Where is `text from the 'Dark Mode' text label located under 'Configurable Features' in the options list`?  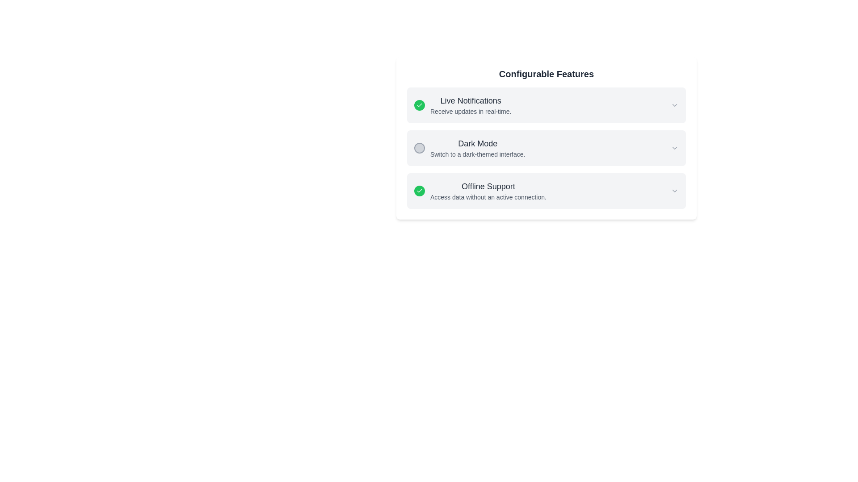
text from the 'Dark Mode' text label located under 'Configurable Features' in the options list is located at coordinates (477, 147).